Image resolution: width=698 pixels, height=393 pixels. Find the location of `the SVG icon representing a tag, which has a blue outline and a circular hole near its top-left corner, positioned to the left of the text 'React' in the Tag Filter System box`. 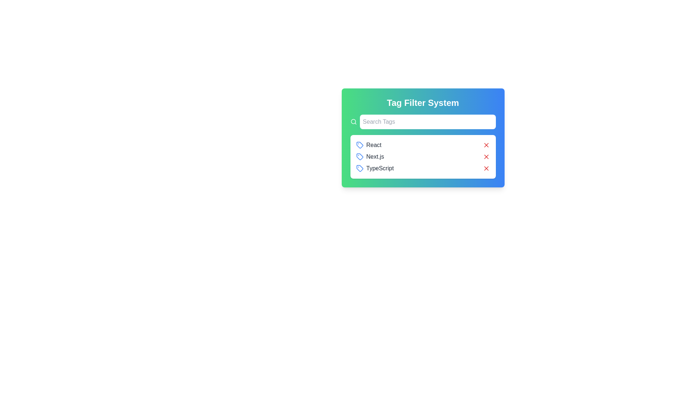

the SVG icon representing a tag, which has a blue outline and a circular hole near its top-left corner, positioned to the left of the text 'React' in the Tag Filter System box is located at coordinates (360, 145).